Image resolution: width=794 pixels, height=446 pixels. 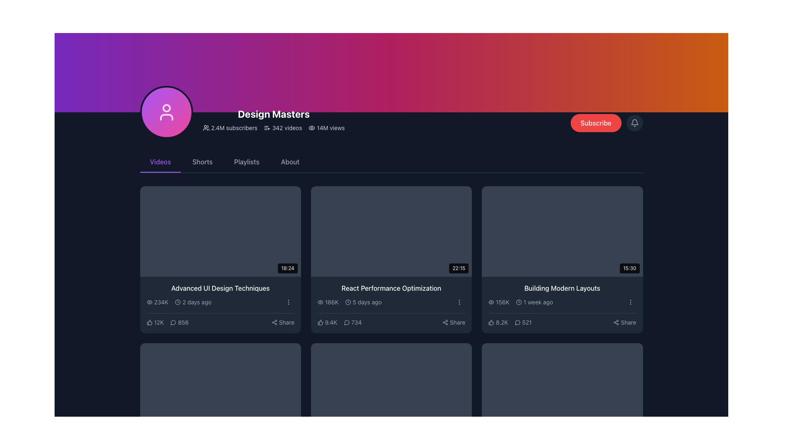 I want to click on information displayed in the Information display field showing '156K' views and '1 week ago', which is located below the video thumbnail titled 'Building Modern Layouts', so click(x=520, y=302).